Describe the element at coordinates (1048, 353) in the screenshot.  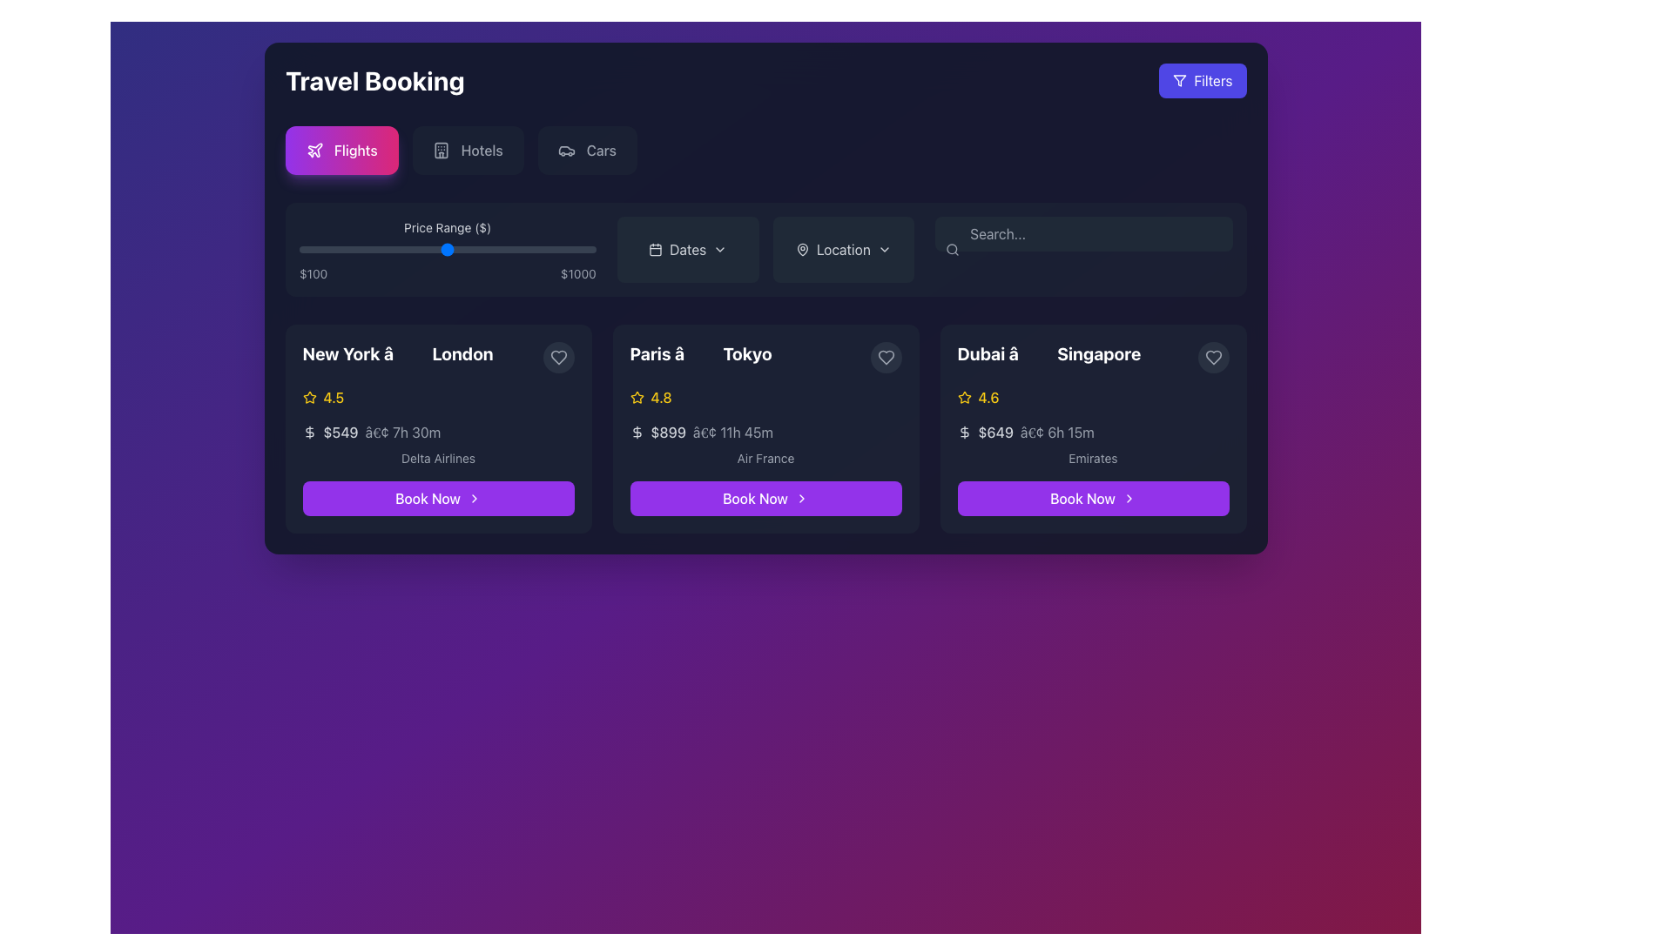
I see `the label displaying the text 'Dubai â†’ Singapore' in bold, extra-large font located in the top-left corner of the flight information card` at that location.